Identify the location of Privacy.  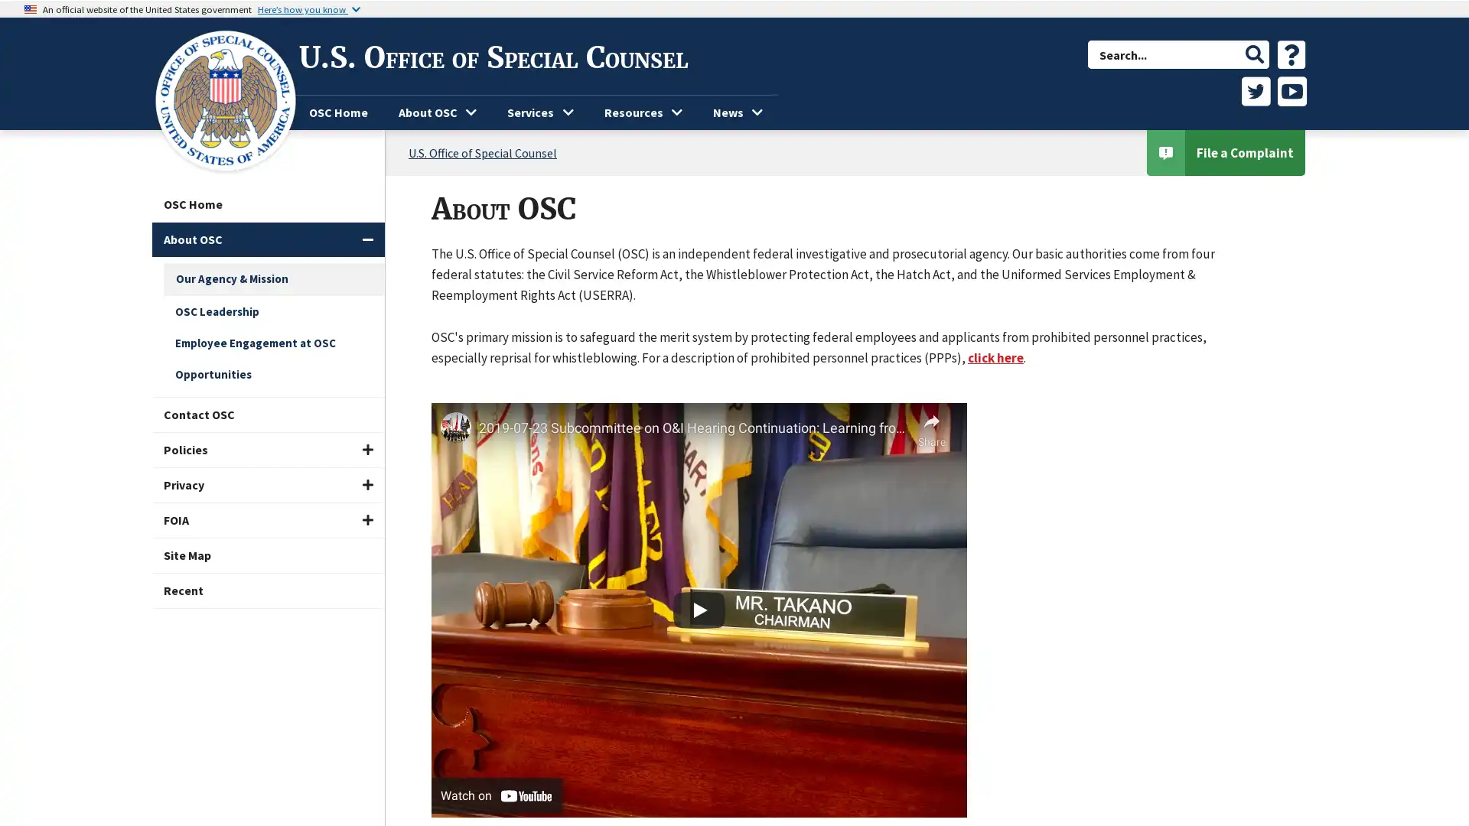
(268, 485).